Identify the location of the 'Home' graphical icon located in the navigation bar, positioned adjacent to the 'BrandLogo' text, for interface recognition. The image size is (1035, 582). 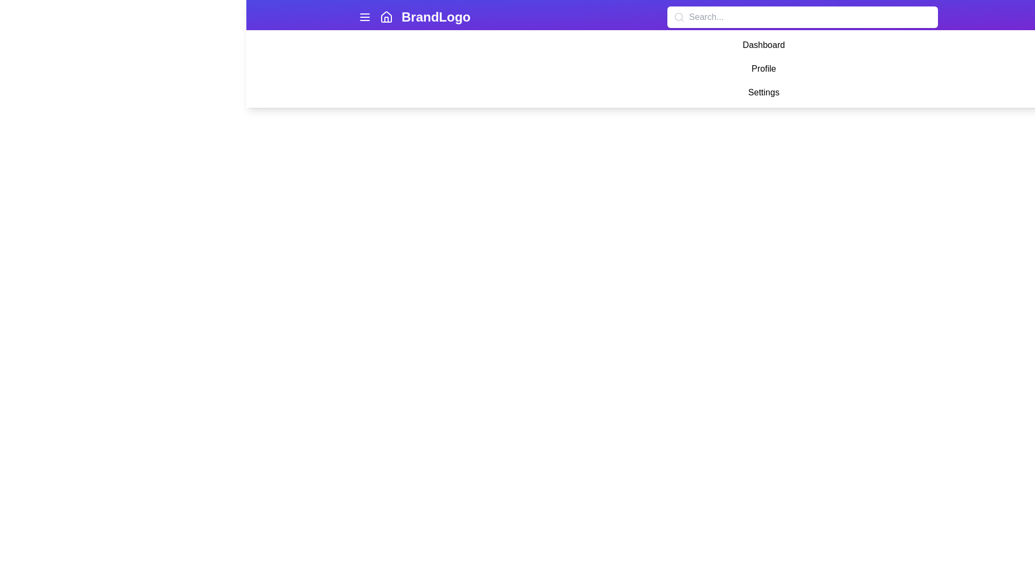
(386, 16).